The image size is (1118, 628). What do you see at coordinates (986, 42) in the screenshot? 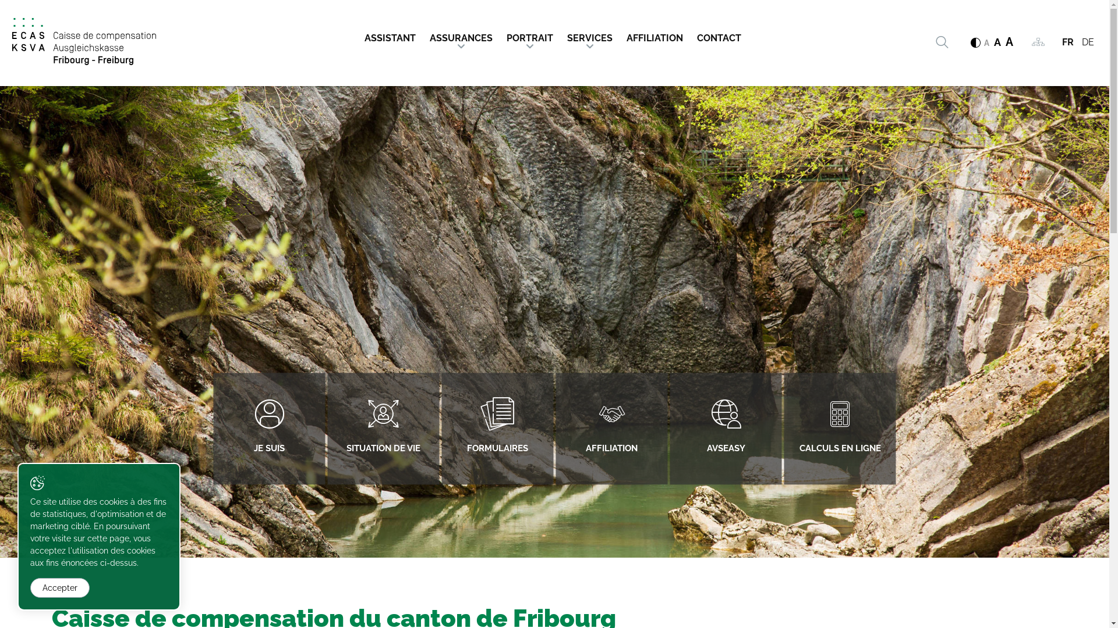
I see `'A'` at bounding box center [986, 42].